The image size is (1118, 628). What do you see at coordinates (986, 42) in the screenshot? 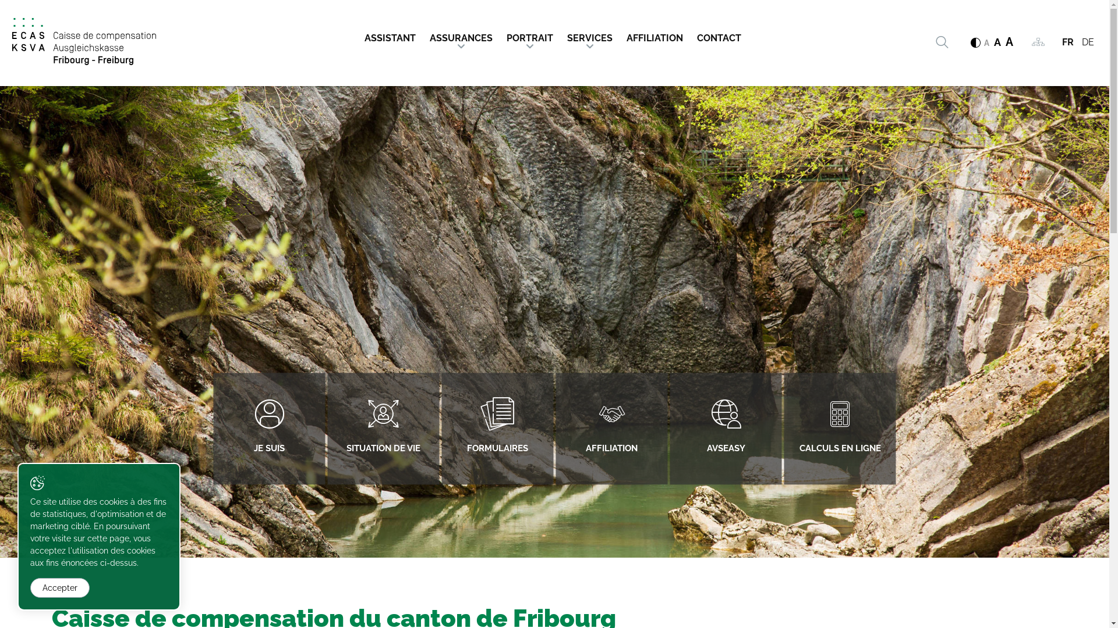
I see `'A'` at bounding box center [986, 42].